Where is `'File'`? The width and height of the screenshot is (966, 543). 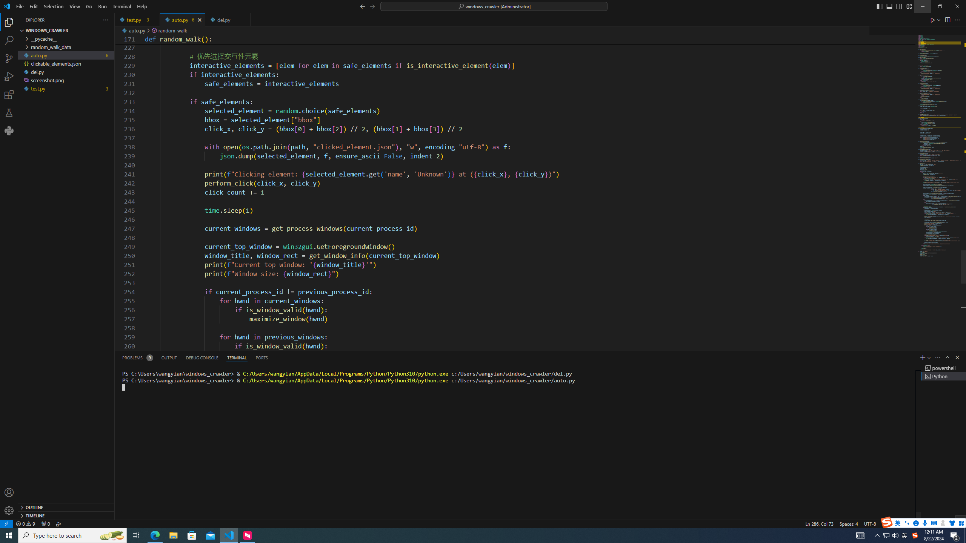
'File' is located at coordinates (20, 6).